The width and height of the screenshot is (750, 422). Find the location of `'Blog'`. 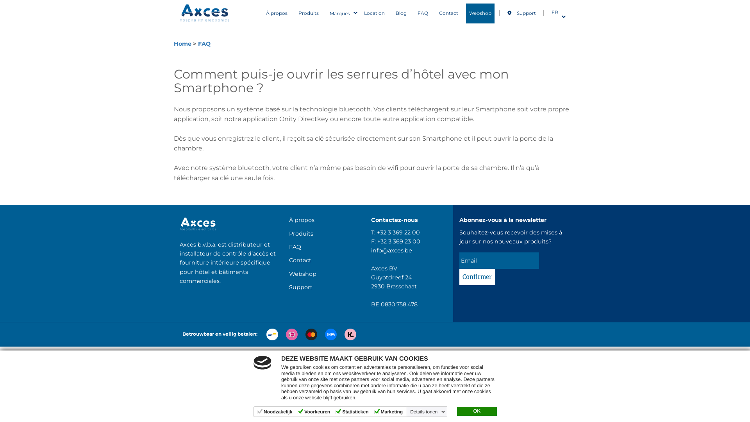

'Blog' is located at coordinates (401, 13).